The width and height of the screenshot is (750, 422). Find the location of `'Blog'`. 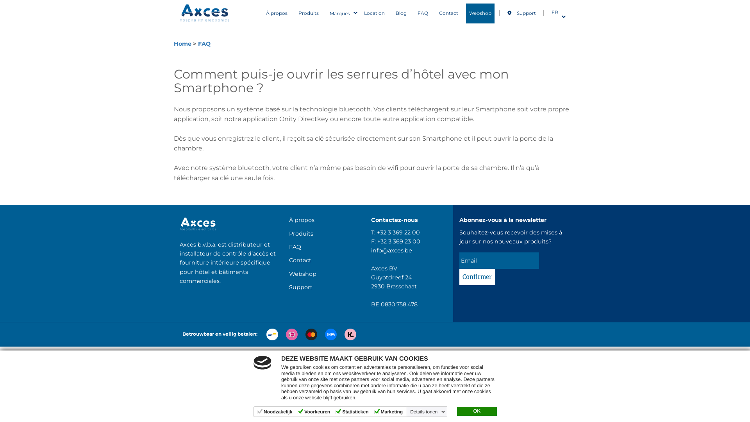

'Blog' is located at coordinates (401, 13).